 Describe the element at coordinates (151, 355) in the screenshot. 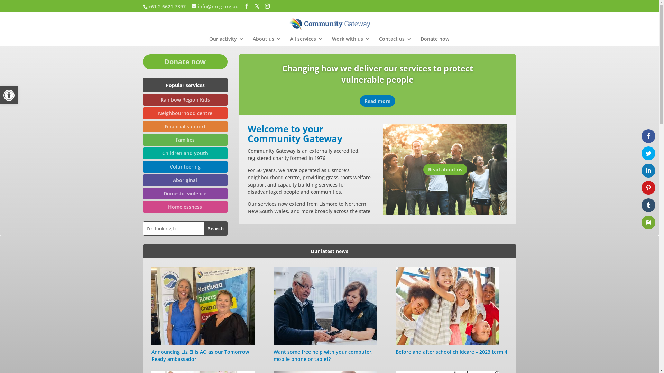

I see `'Announcing Liz Ellis AO as our Tomorrow Ready ambassador'` at that location.